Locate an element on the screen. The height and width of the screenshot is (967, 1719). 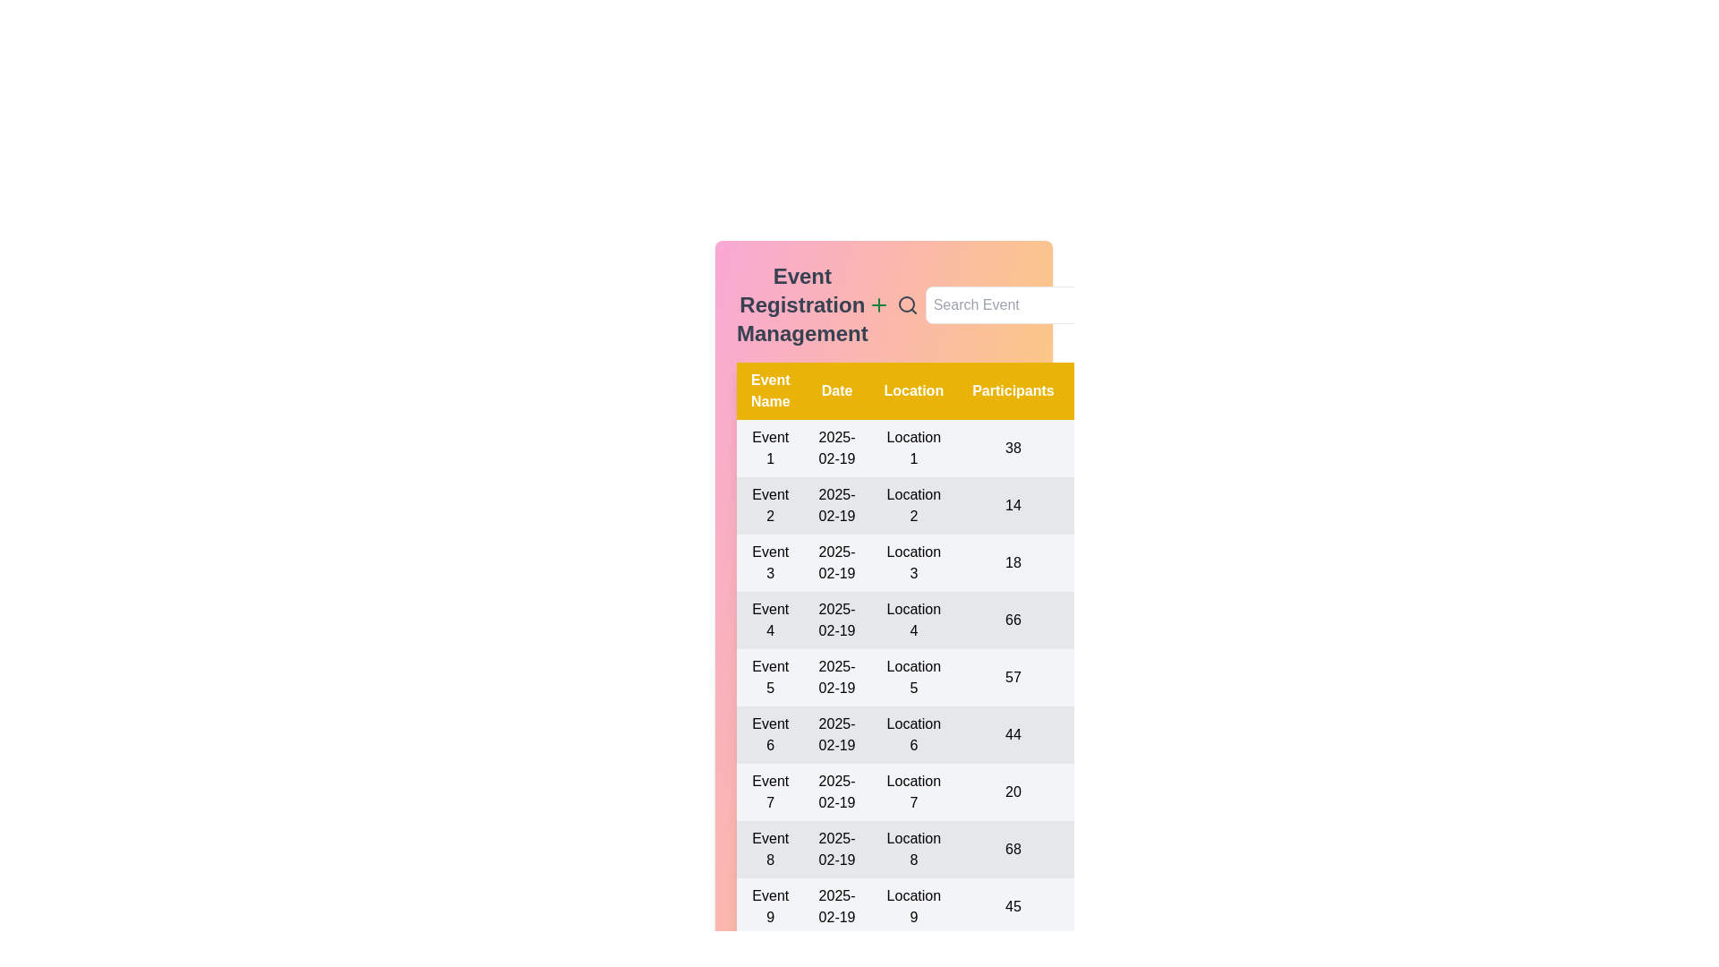
the plus icon to add a new event is located at coordinates (878, 304).